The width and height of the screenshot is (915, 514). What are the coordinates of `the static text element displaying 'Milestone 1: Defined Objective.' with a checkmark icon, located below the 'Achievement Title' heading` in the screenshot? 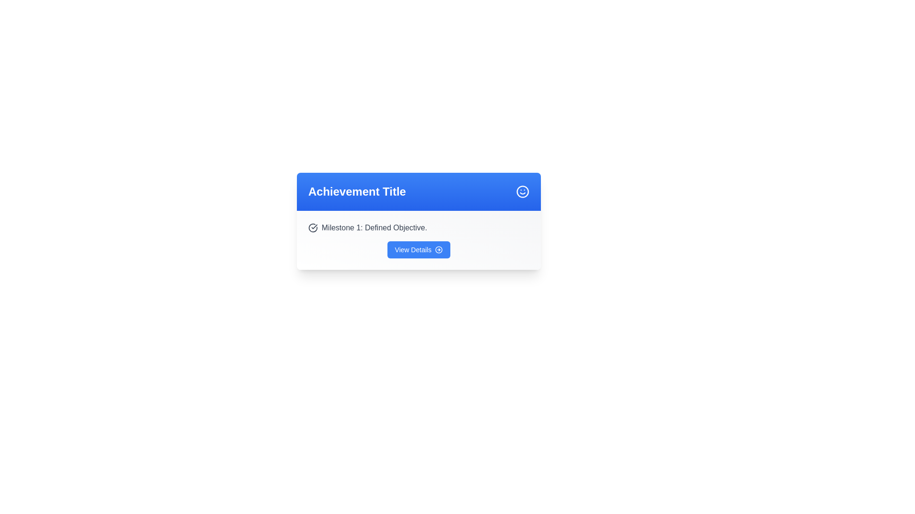 It's located at (418, 227).